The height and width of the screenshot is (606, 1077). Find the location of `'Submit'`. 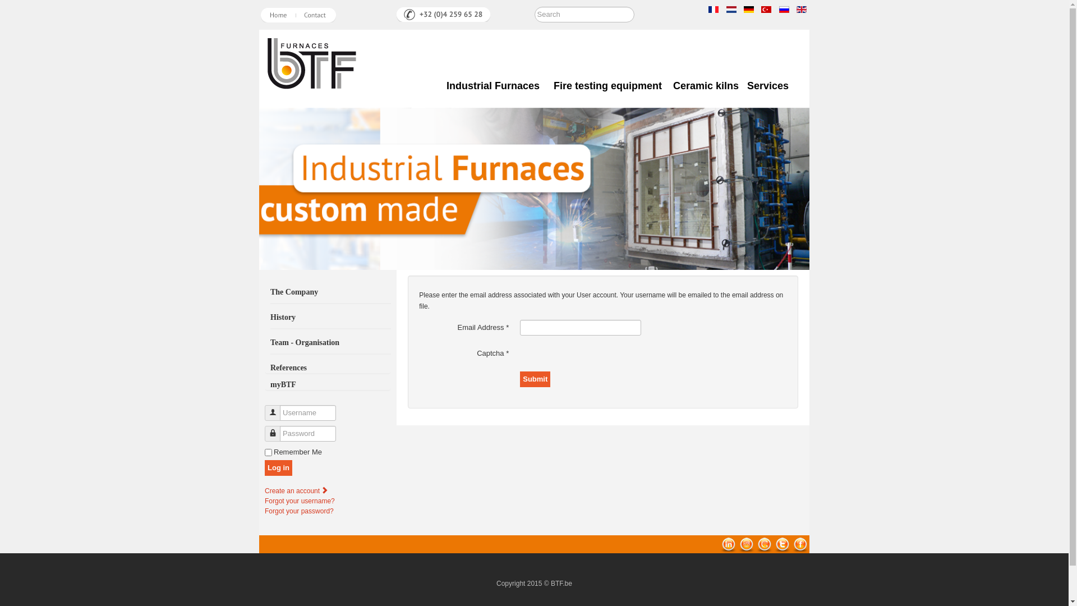

'Submit' is located at coordinates (535, 379).